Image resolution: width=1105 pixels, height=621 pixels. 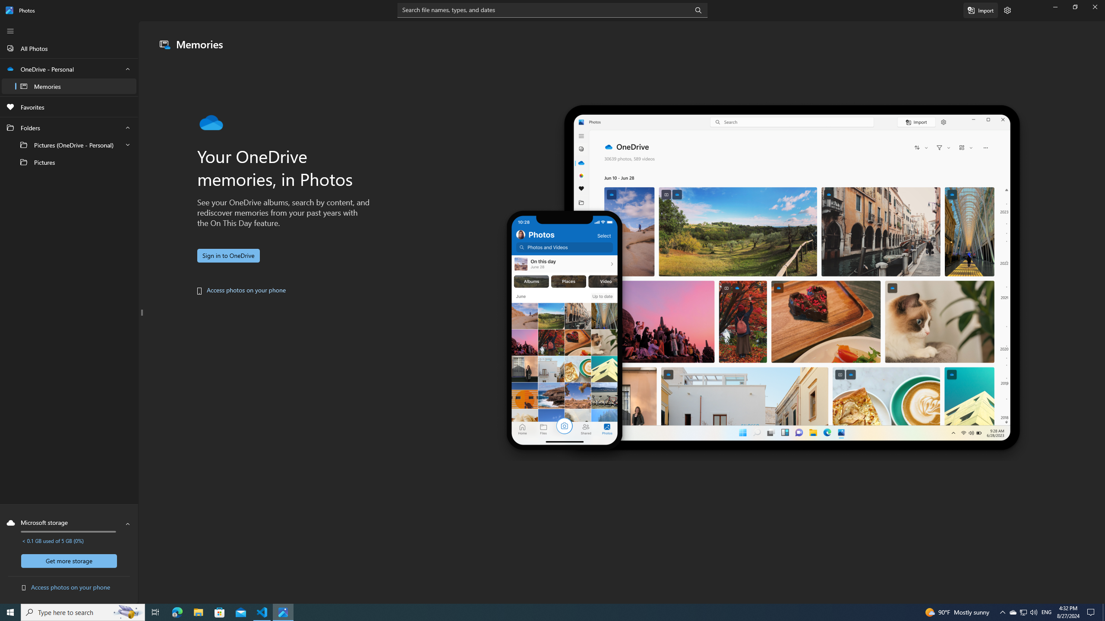 What do you see at coordinates (1003, 612) in the screenshot?
I see `'Notification Chevron'` at bounding box center [1003, 612].